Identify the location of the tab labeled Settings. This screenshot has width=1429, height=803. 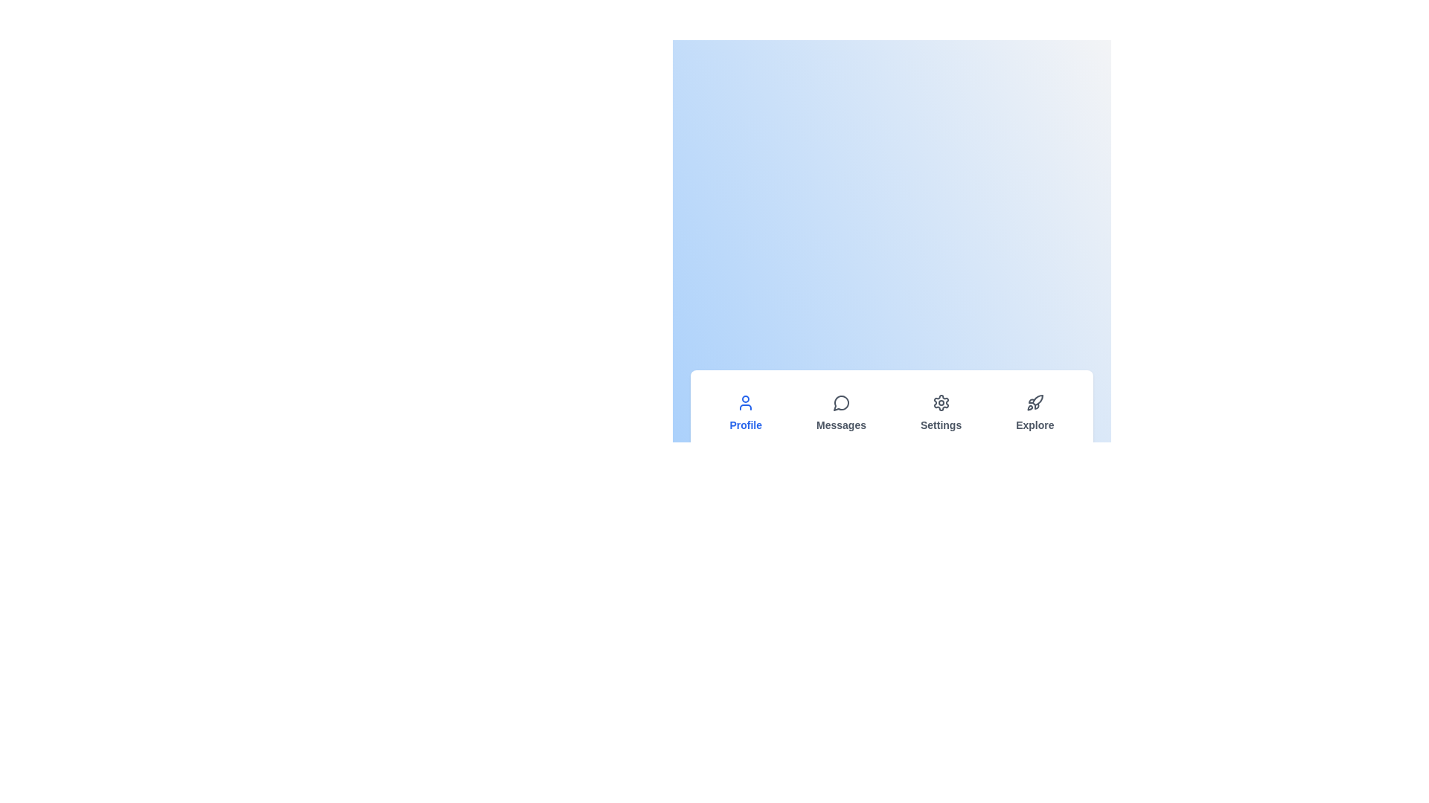
(940, 413).